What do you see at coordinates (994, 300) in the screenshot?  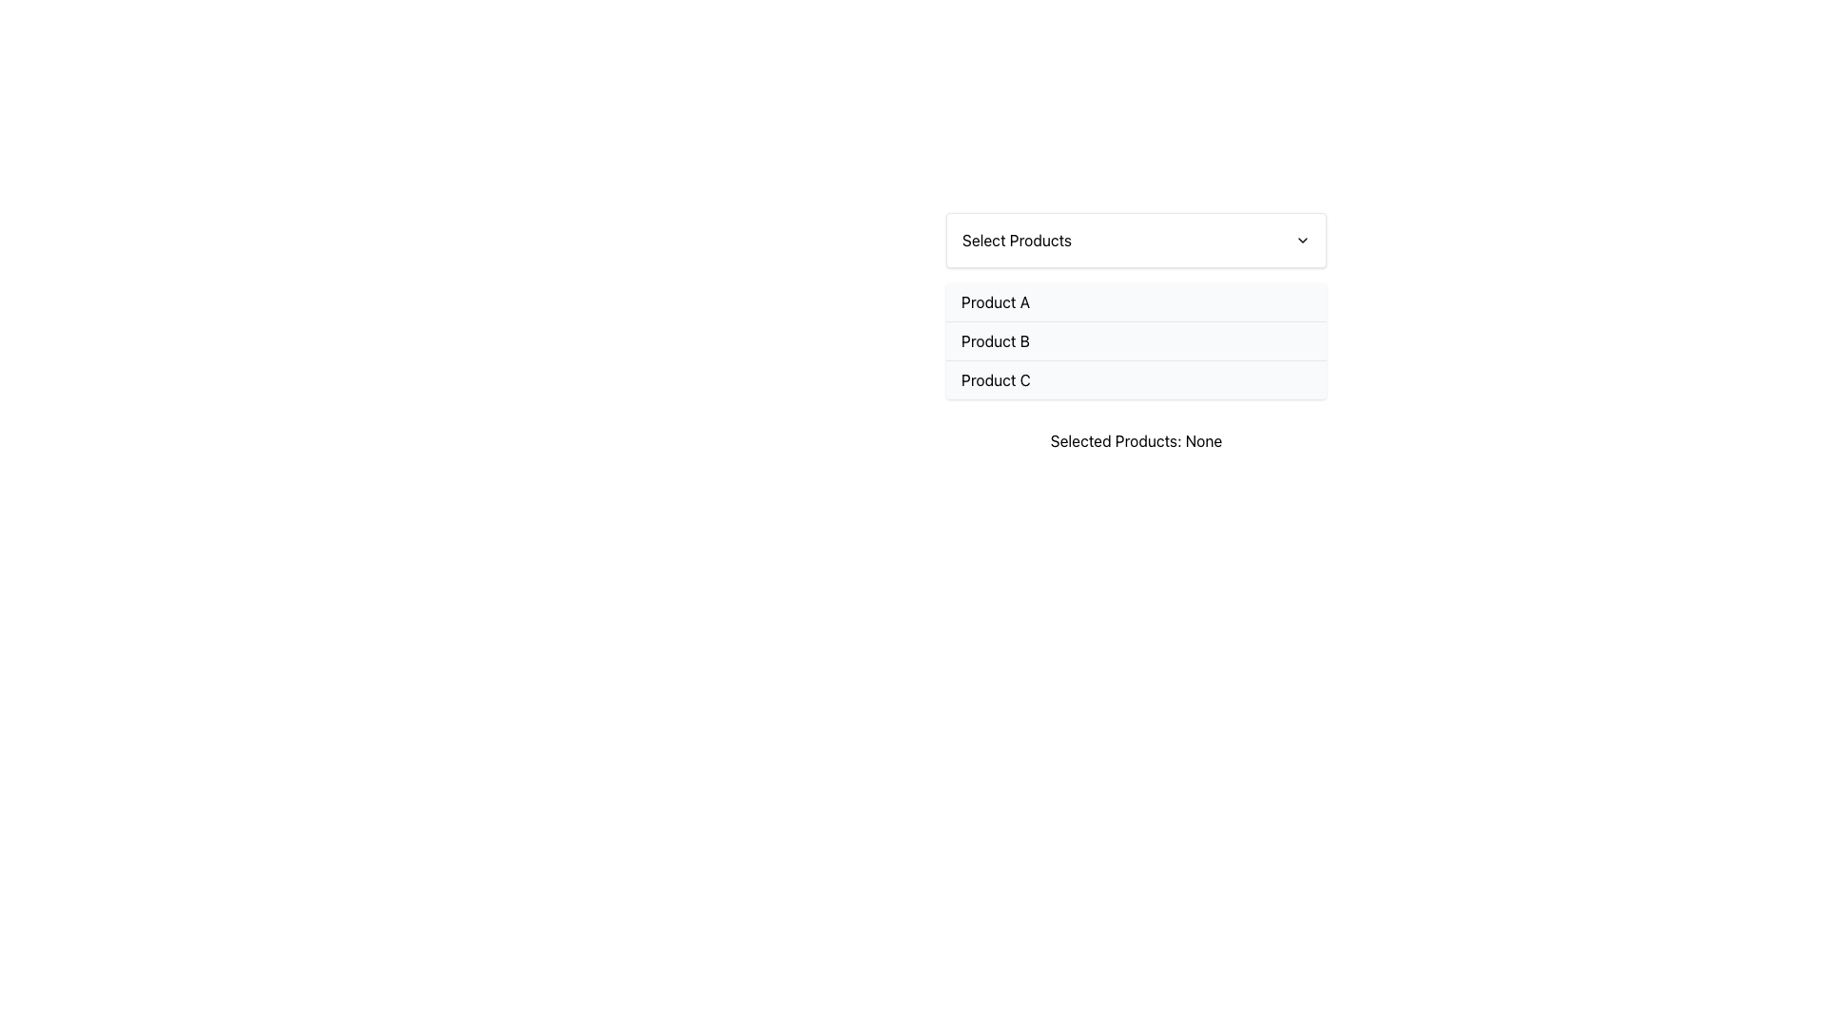 I see `the 'Product A' text label` at bounding box center [994, 300].